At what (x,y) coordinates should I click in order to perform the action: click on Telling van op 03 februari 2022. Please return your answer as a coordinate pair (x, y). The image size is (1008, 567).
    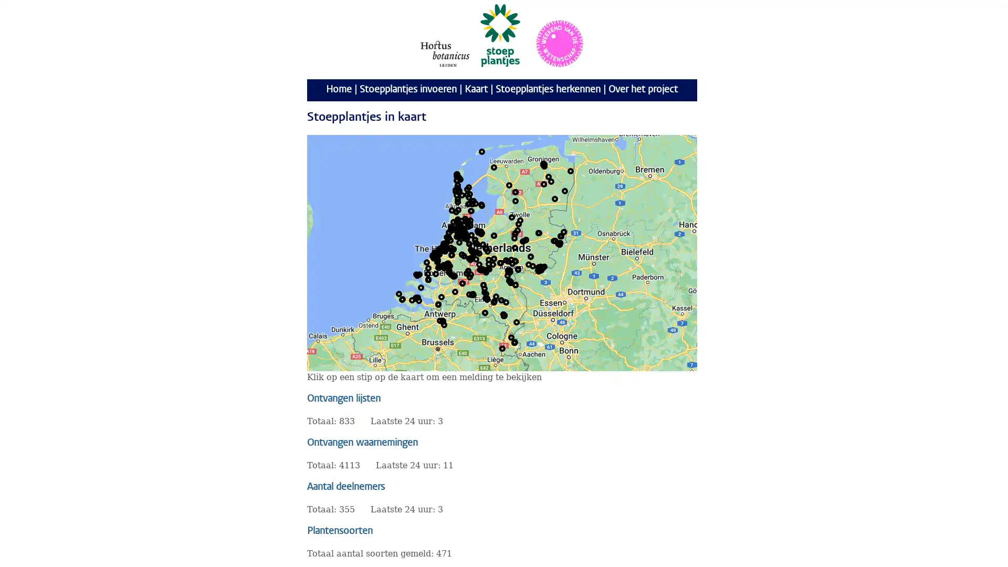
    Looking at the image, I should click on (461, 226).